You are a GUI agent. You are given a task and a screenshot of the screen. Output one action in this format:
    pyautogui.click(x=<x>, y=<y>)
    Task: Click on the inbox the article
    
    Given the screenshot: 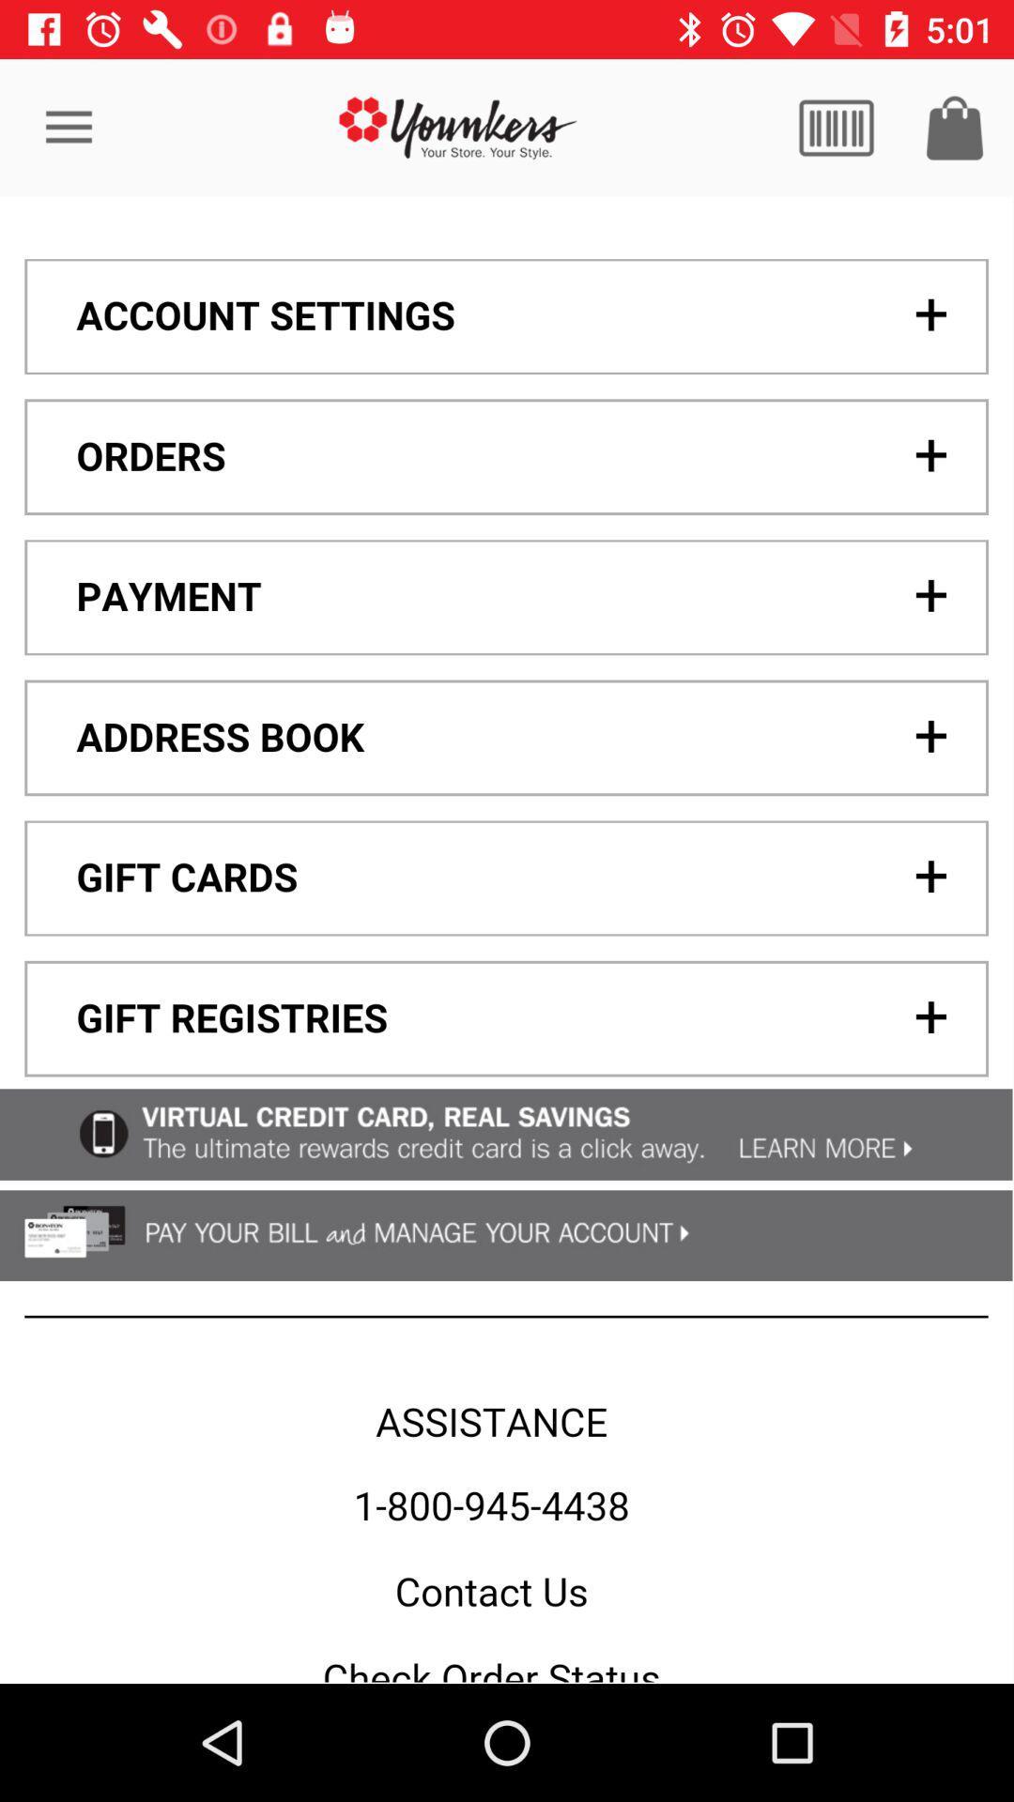 What is the action you would take?
    pyautogui.click(x=955, y=127)
    